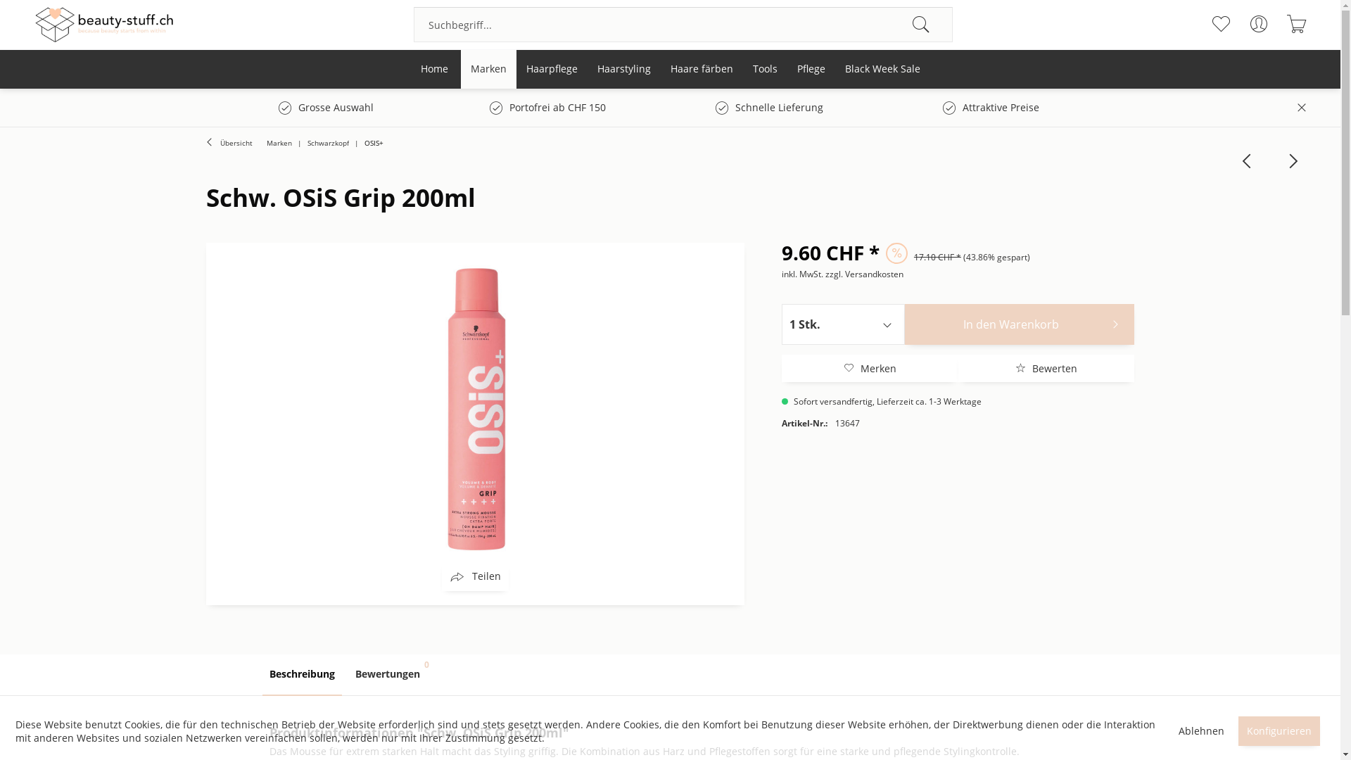 This screenshot has width=1351, height=760. Describe the element at coordinates (300, 675) in the screenshot. I see `'Beschreibung'` at that location.